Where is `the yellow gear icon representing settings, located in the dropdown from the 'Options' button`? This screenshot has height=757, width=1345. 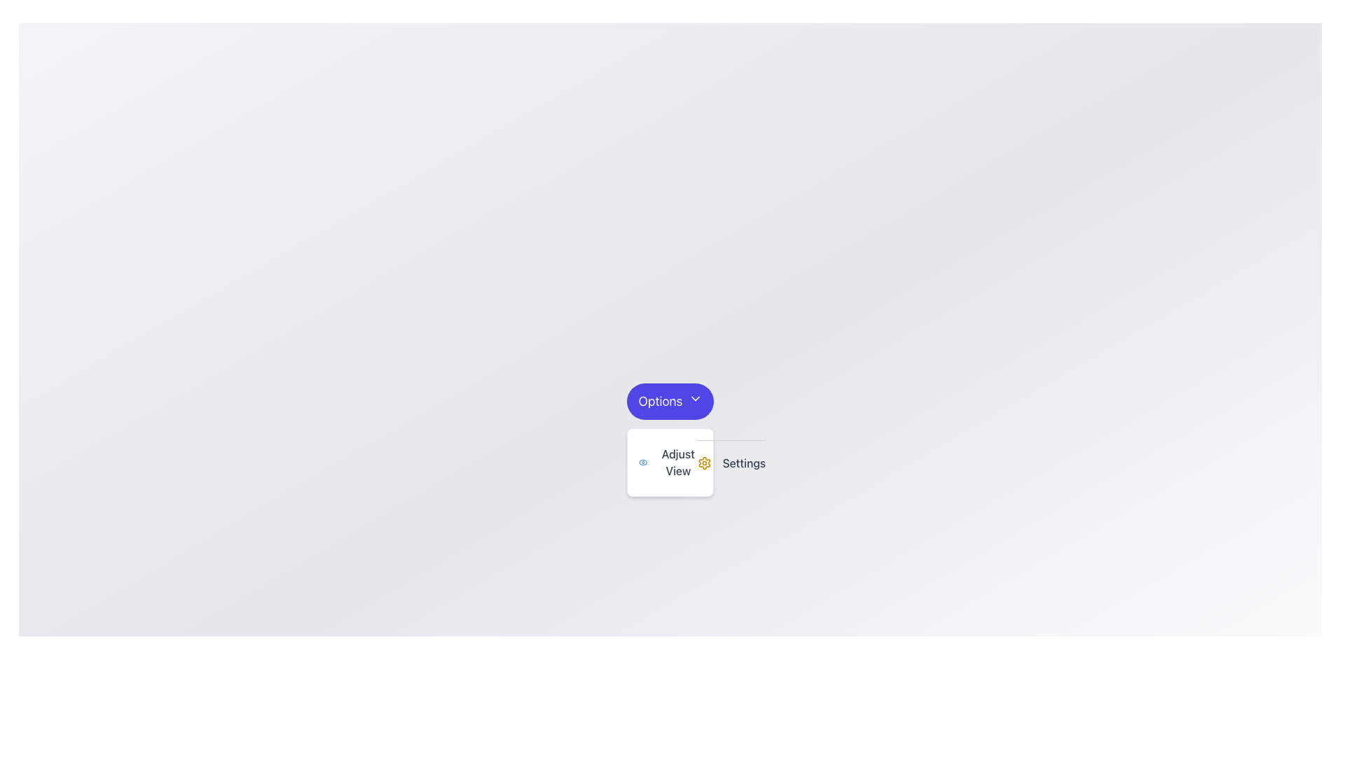 the yellow gear icon representing settings, located in the dropdown from the 'Options' button is located at coordinates (704, 463).